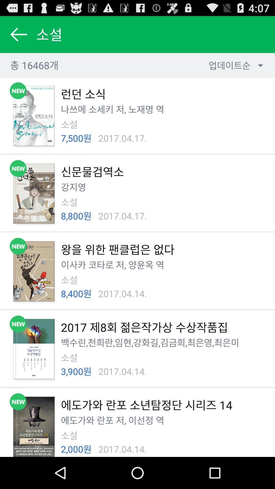 This screenshot has width=275, height=489. I want to click on the item above the 2017.04.17., so click(119, 109).